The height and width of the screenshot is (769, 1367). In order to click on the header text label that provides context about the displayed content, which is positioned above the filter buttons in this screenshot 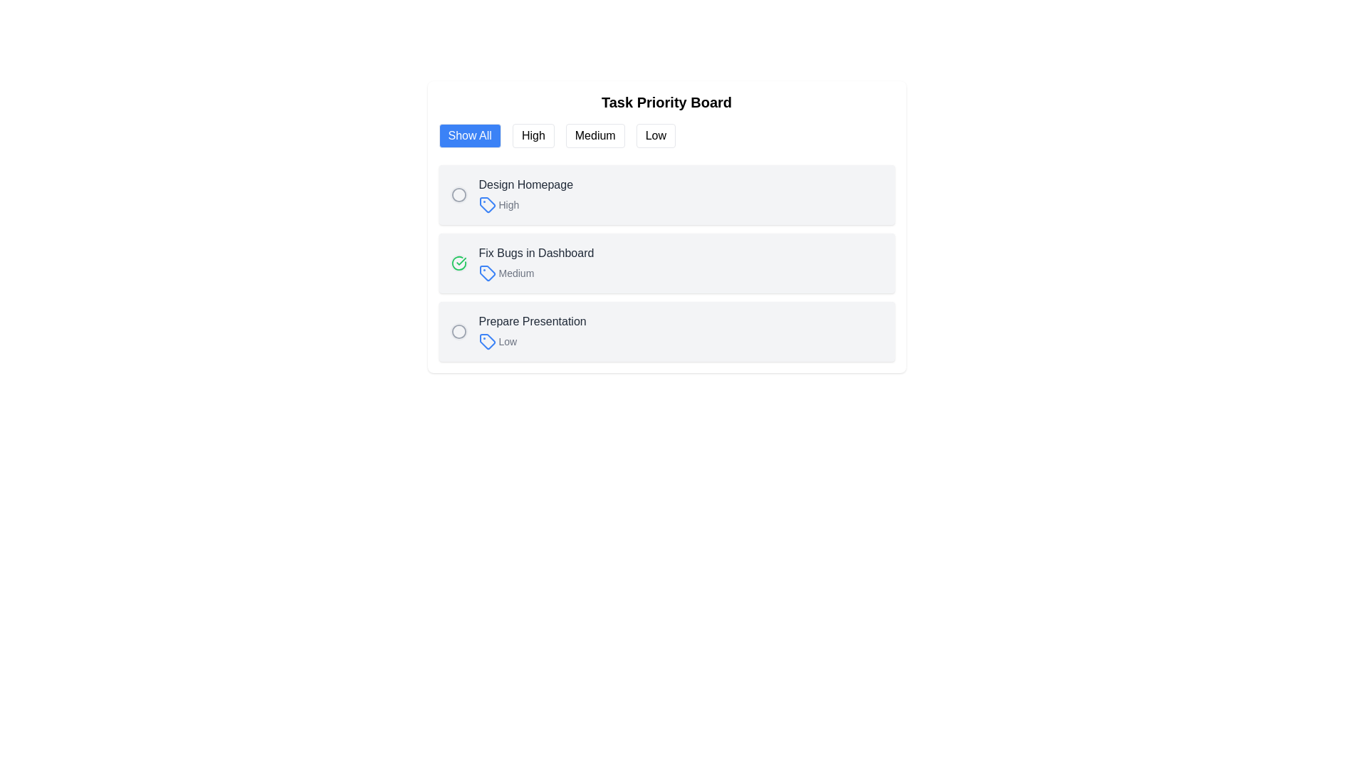, I will do `click(666, 101)`.